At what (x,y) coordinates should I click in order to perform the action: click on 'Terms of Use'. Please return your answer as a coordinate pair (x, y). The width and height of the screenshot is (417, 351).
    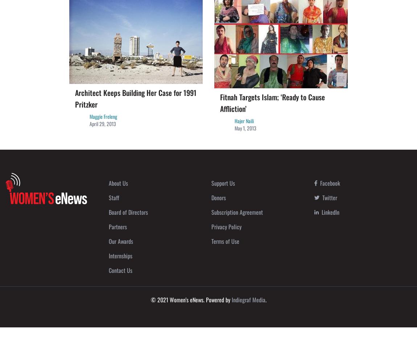
    Looking at the image, I should click on (225, 241).